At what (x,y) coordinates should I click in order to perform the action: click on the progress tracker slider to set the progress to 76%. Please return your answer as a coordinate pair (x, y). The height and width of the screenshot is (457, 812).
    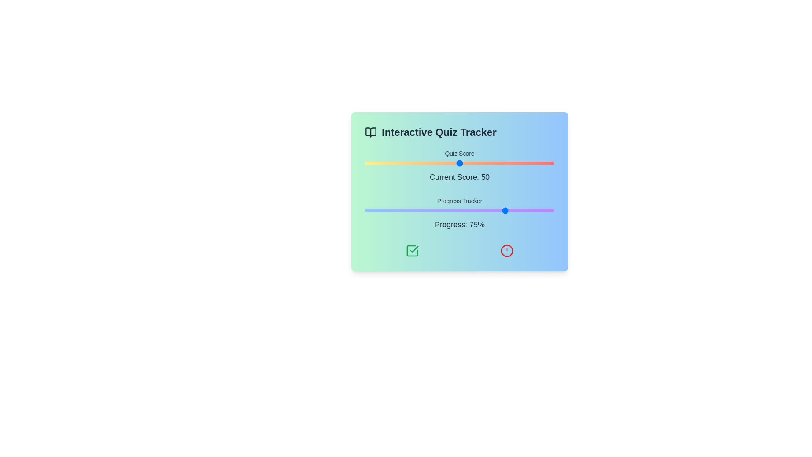
    Looking at the image, I should click on (508, 210).